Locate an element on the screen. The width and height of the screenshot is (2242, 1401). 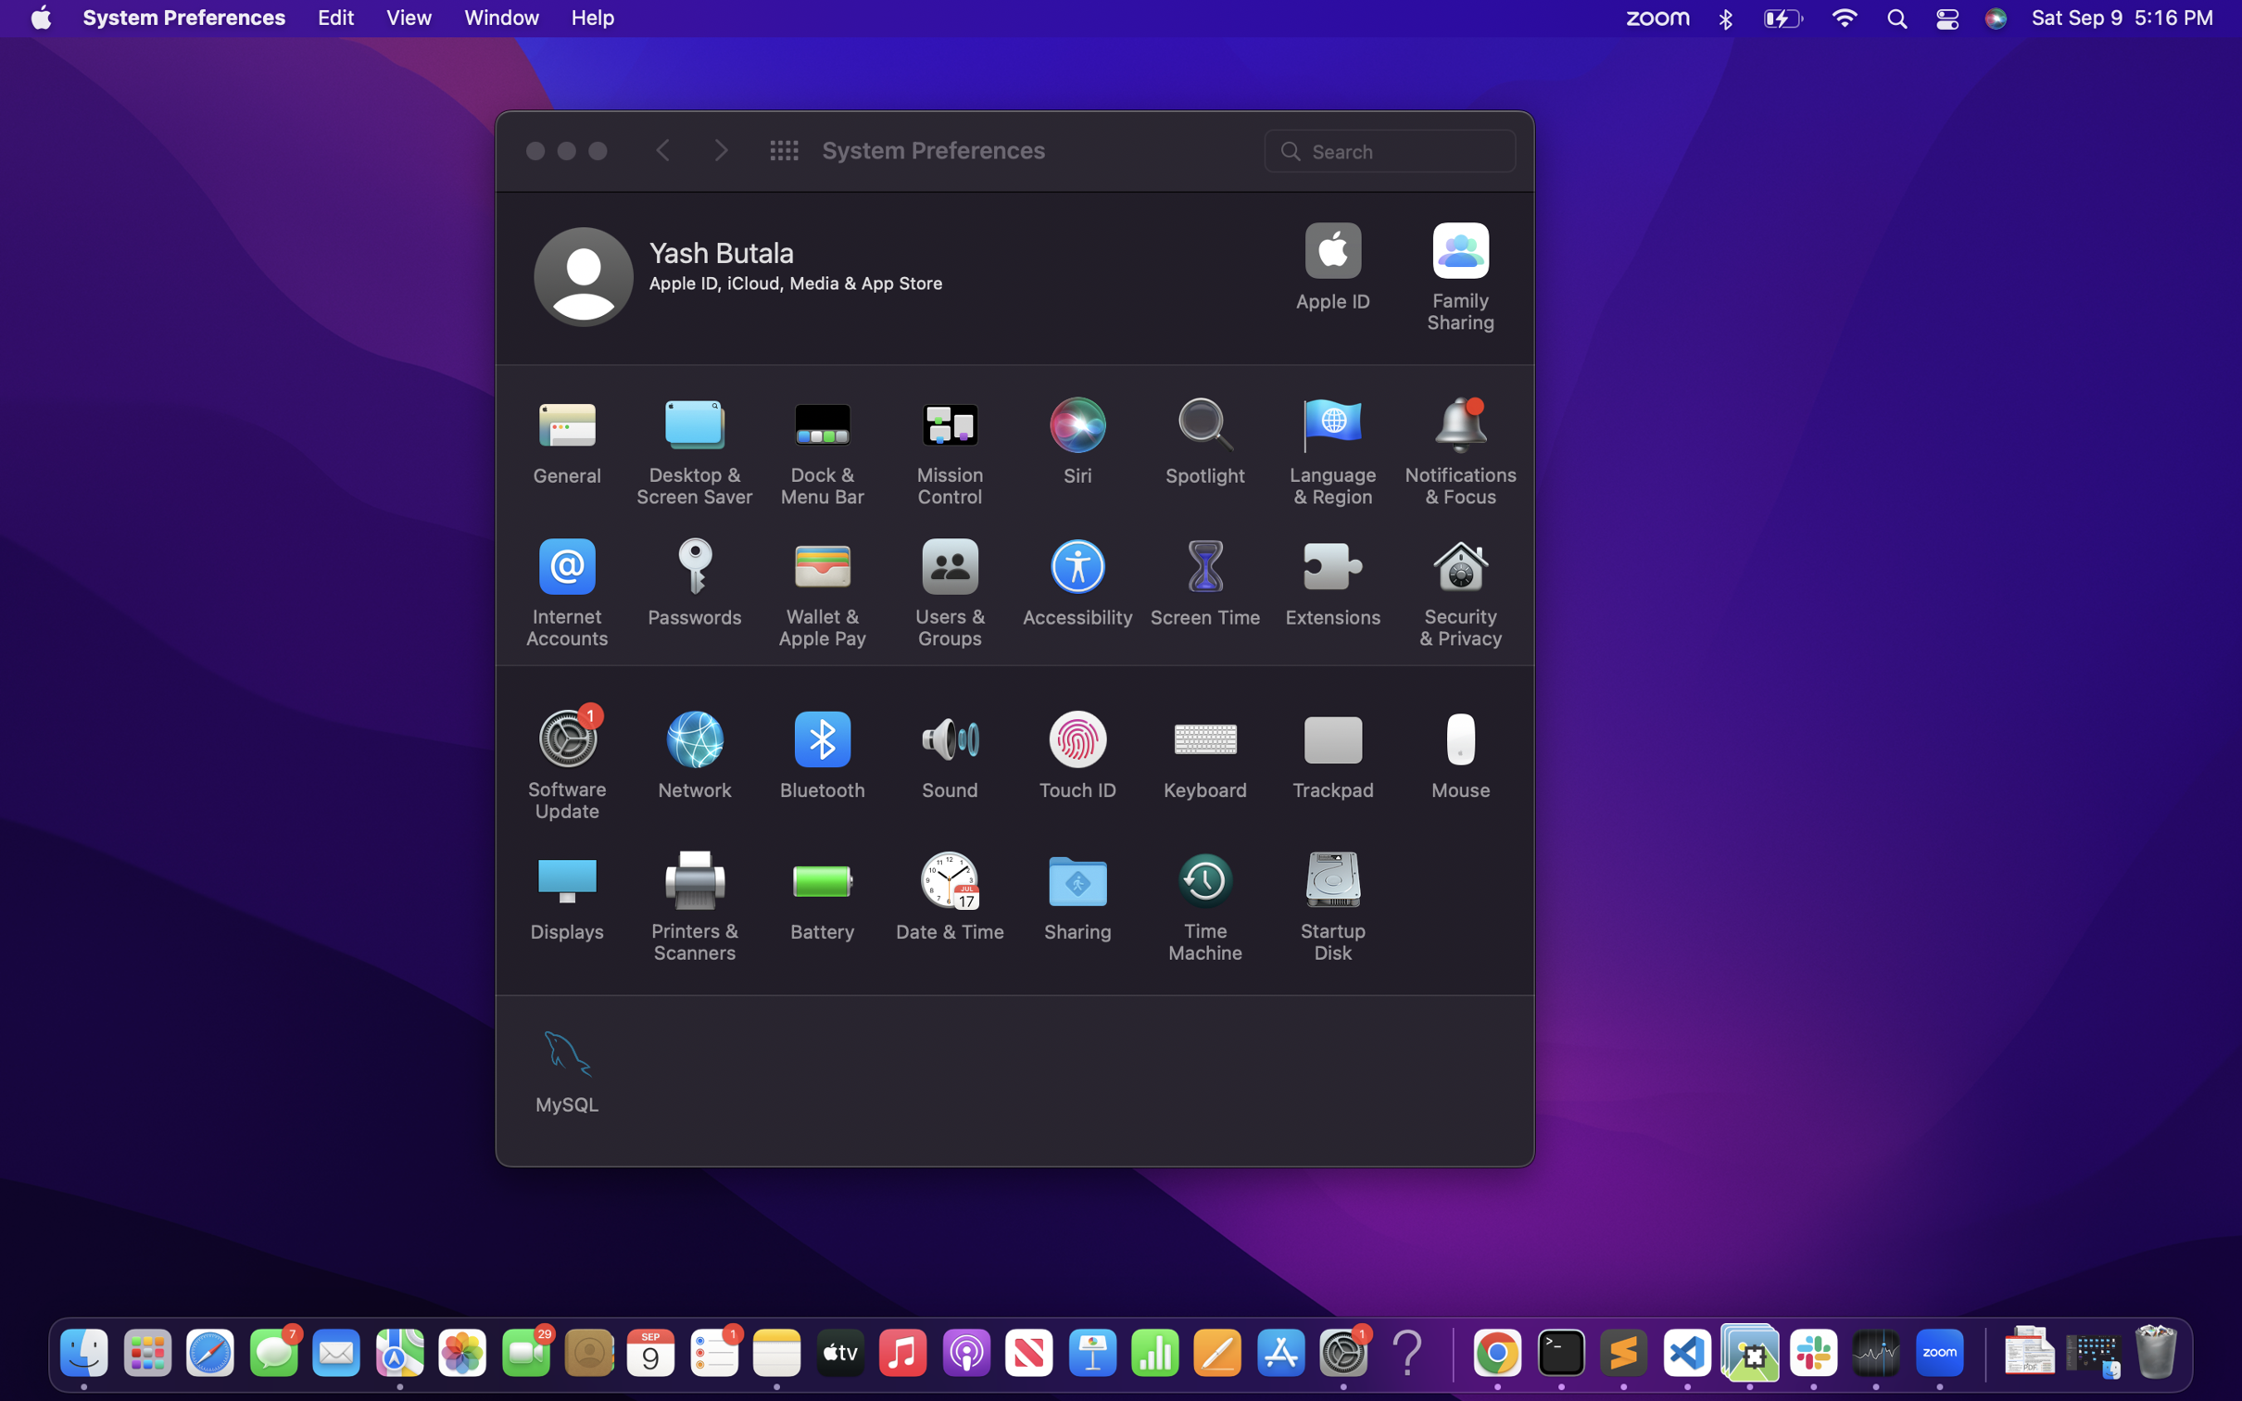
the subsequent page in system preferences is located at coordinates (721, 150).